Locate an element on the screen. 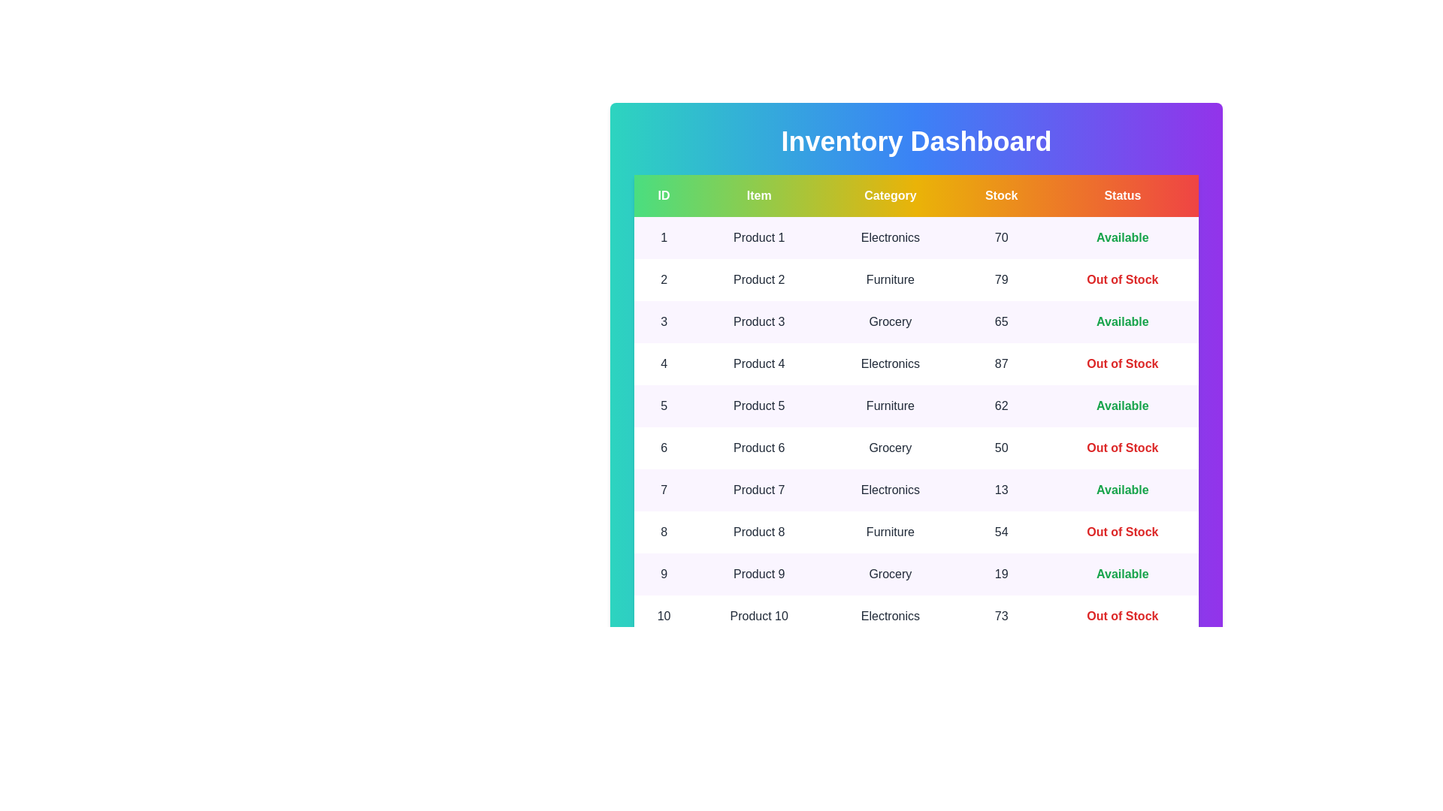 This screenshot has height=811, width=1443. the table header Category to sort the table by that column is located at coordinates (890, 195).